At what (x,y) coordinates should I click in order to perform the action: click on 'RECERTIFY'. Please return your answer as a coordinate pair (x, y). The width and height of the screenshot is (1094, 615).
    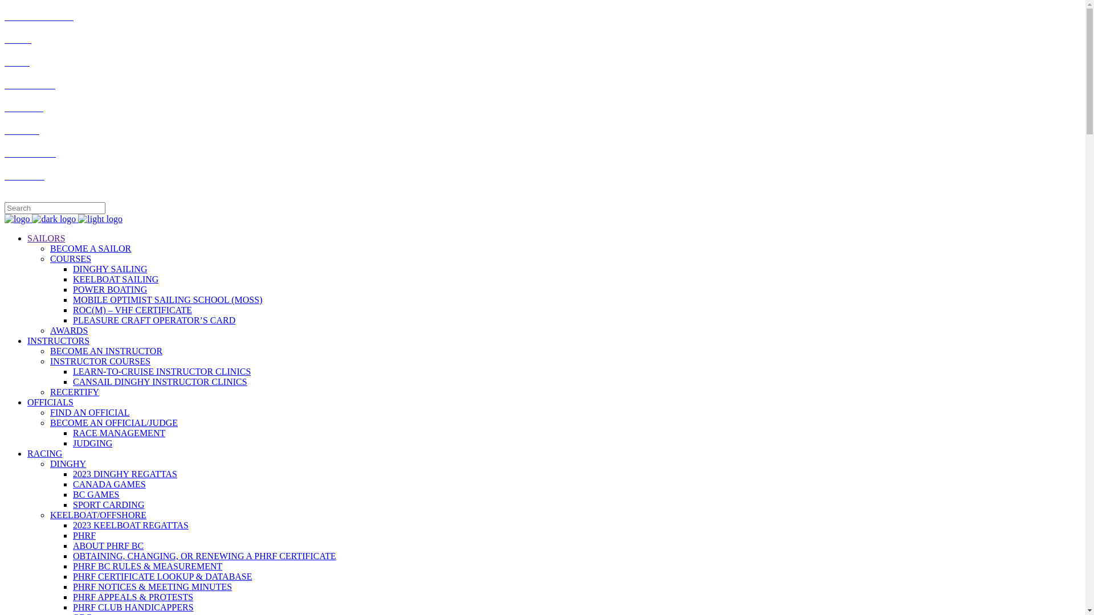
    Looking at the image, I should click on (74, 391).